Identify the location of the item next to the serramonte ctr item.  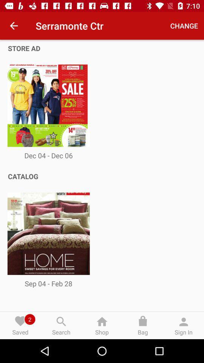
(14, 26).